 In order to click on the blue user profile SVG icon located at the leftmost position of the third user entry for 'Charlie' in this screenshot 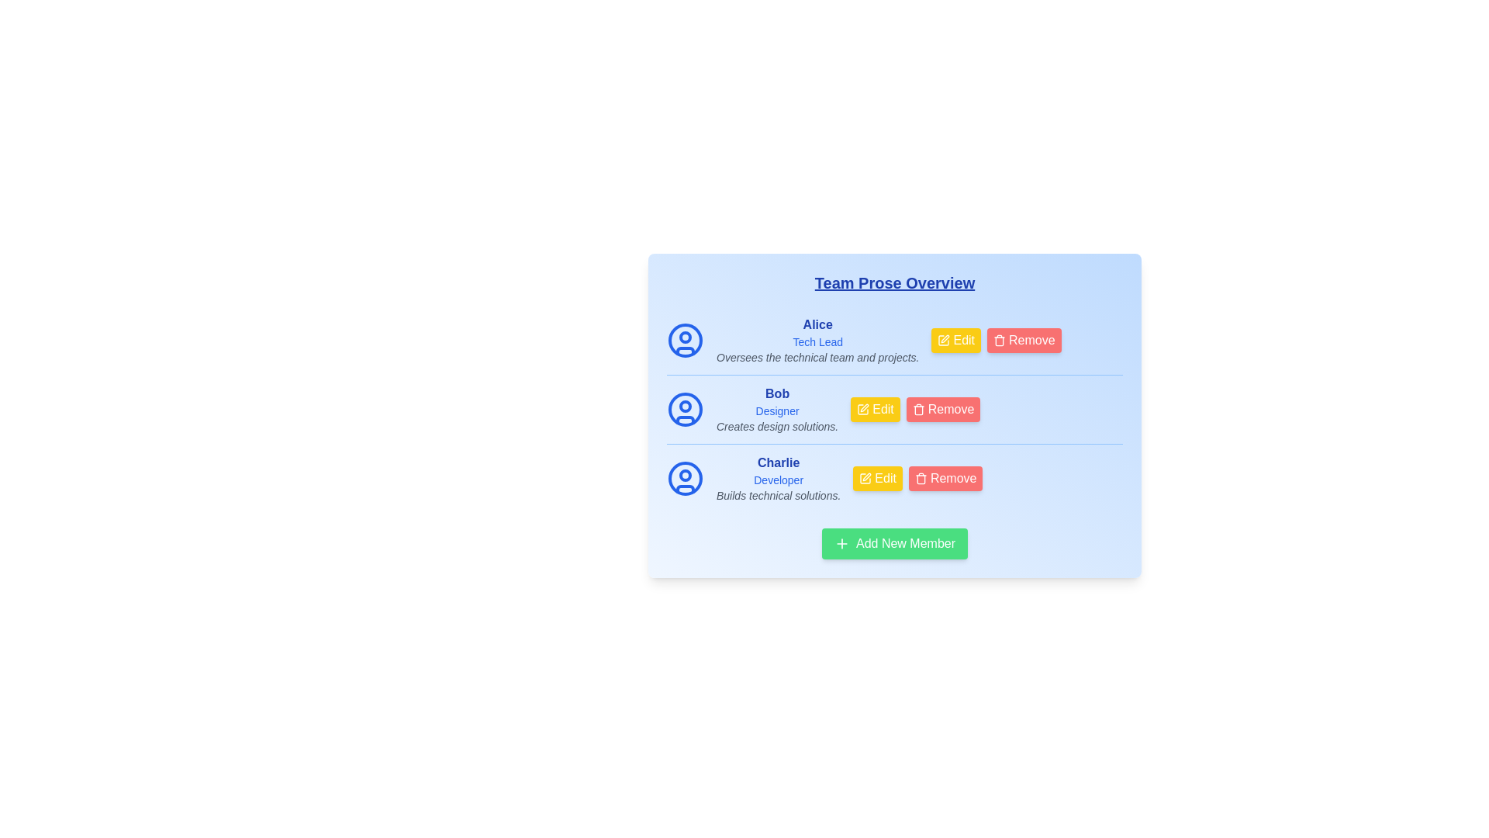, I will do `click(684, 478)`.